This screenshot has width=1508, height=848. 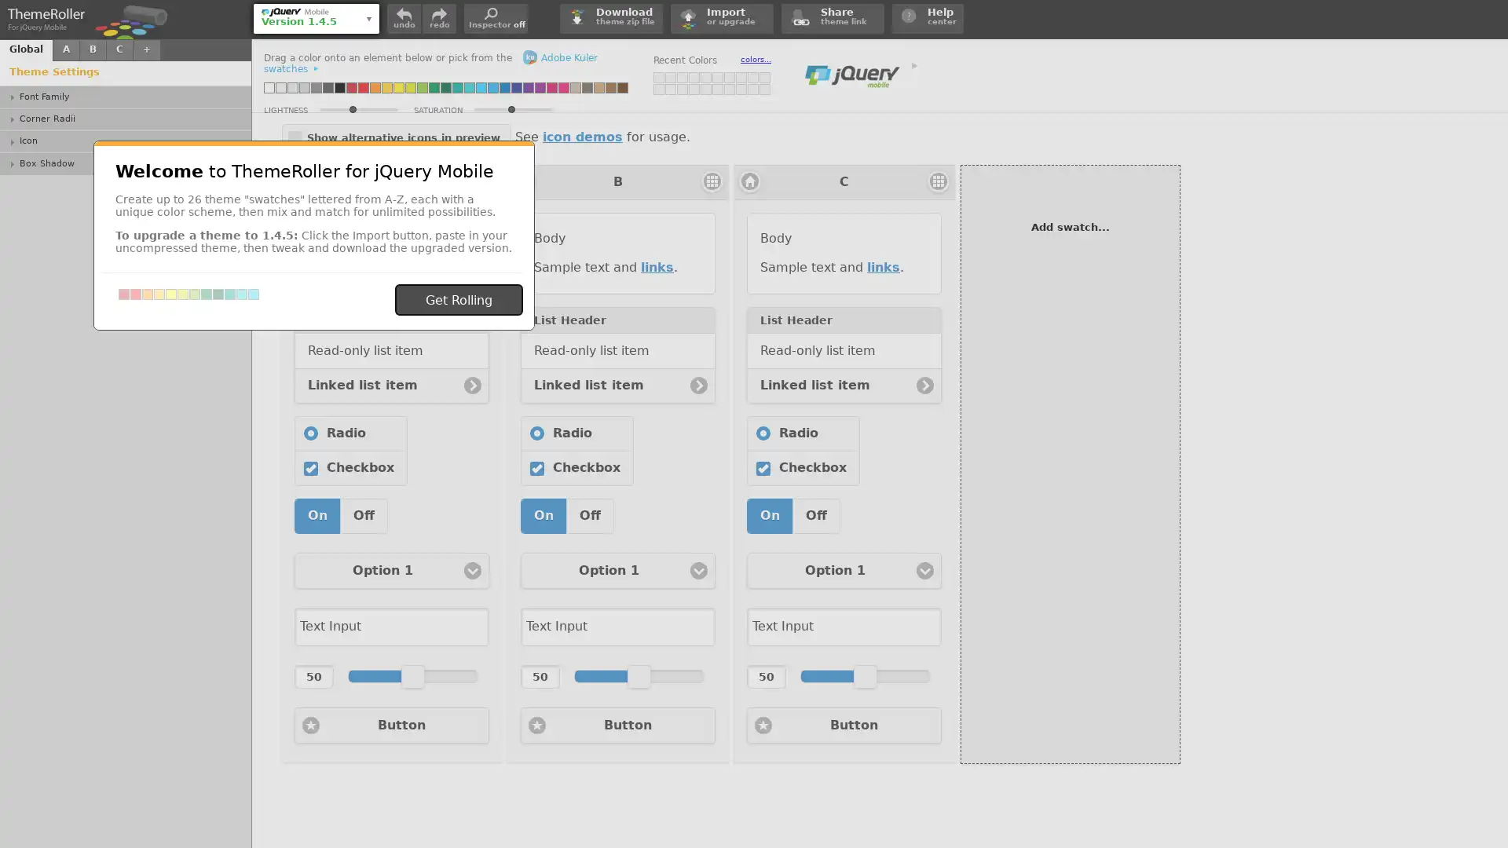 I want to click on Get Rolling, so click(x=457, y=299).